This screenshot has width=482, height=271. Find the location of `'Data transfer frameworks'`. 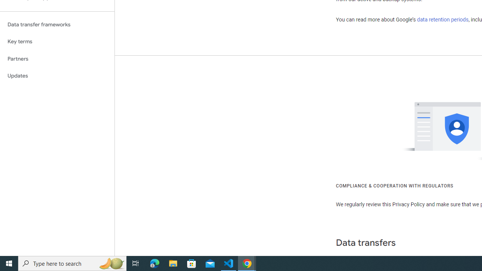

'Data transfer frameworks' is located at coordinates (57, 24).